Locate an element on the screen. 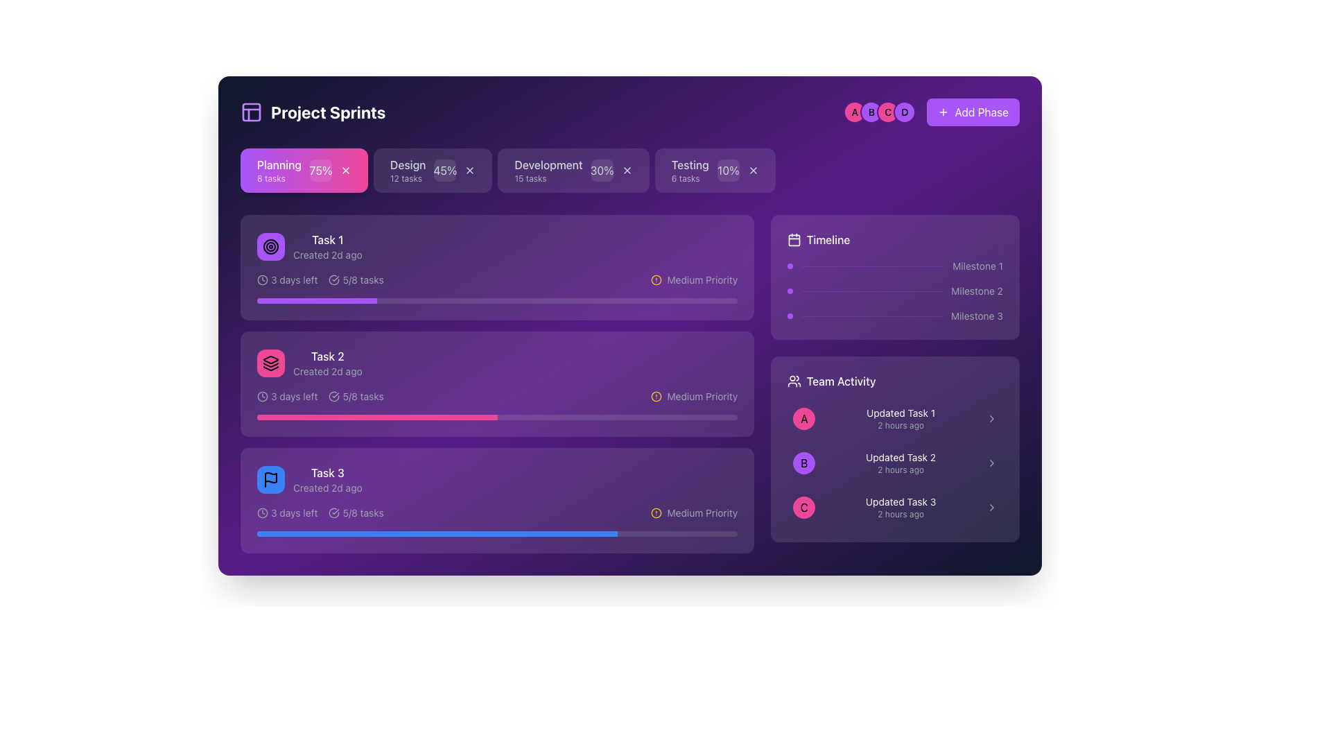 This screenshot has width=1331, height=749. the informational label displaying the count of tasks associated with the 'Design' section, located below the 'Design' text element in the upper central section of the interface is located at coordinates (405, 178).